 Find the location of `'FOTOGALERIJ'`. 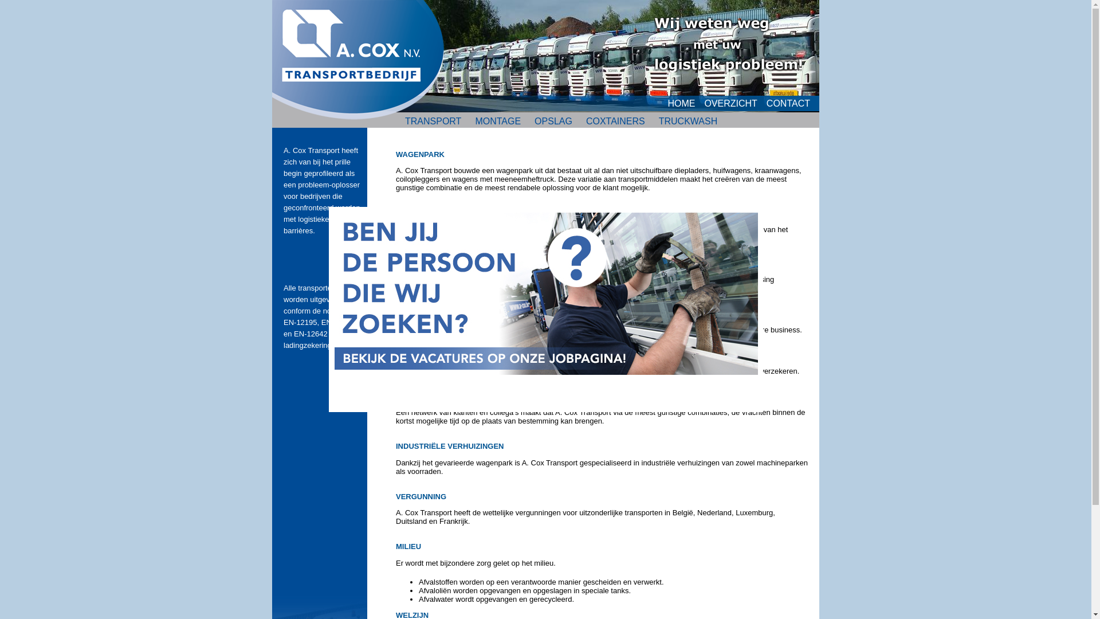

'FOTOGALERIJ' is located at coordinates (673, 138).